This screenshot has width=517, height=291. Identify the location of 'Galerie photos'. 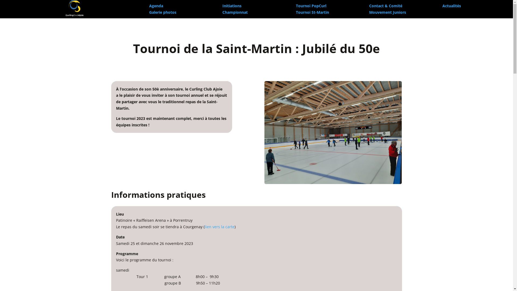
(162, 12).